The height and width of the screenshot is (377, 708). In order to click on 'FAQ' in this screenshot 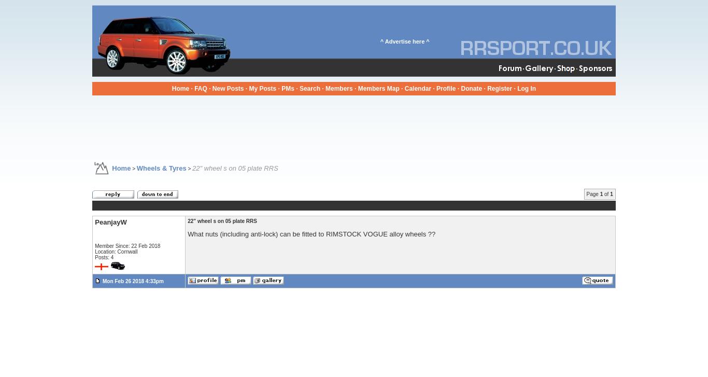, I will do `click(200, 88)`.